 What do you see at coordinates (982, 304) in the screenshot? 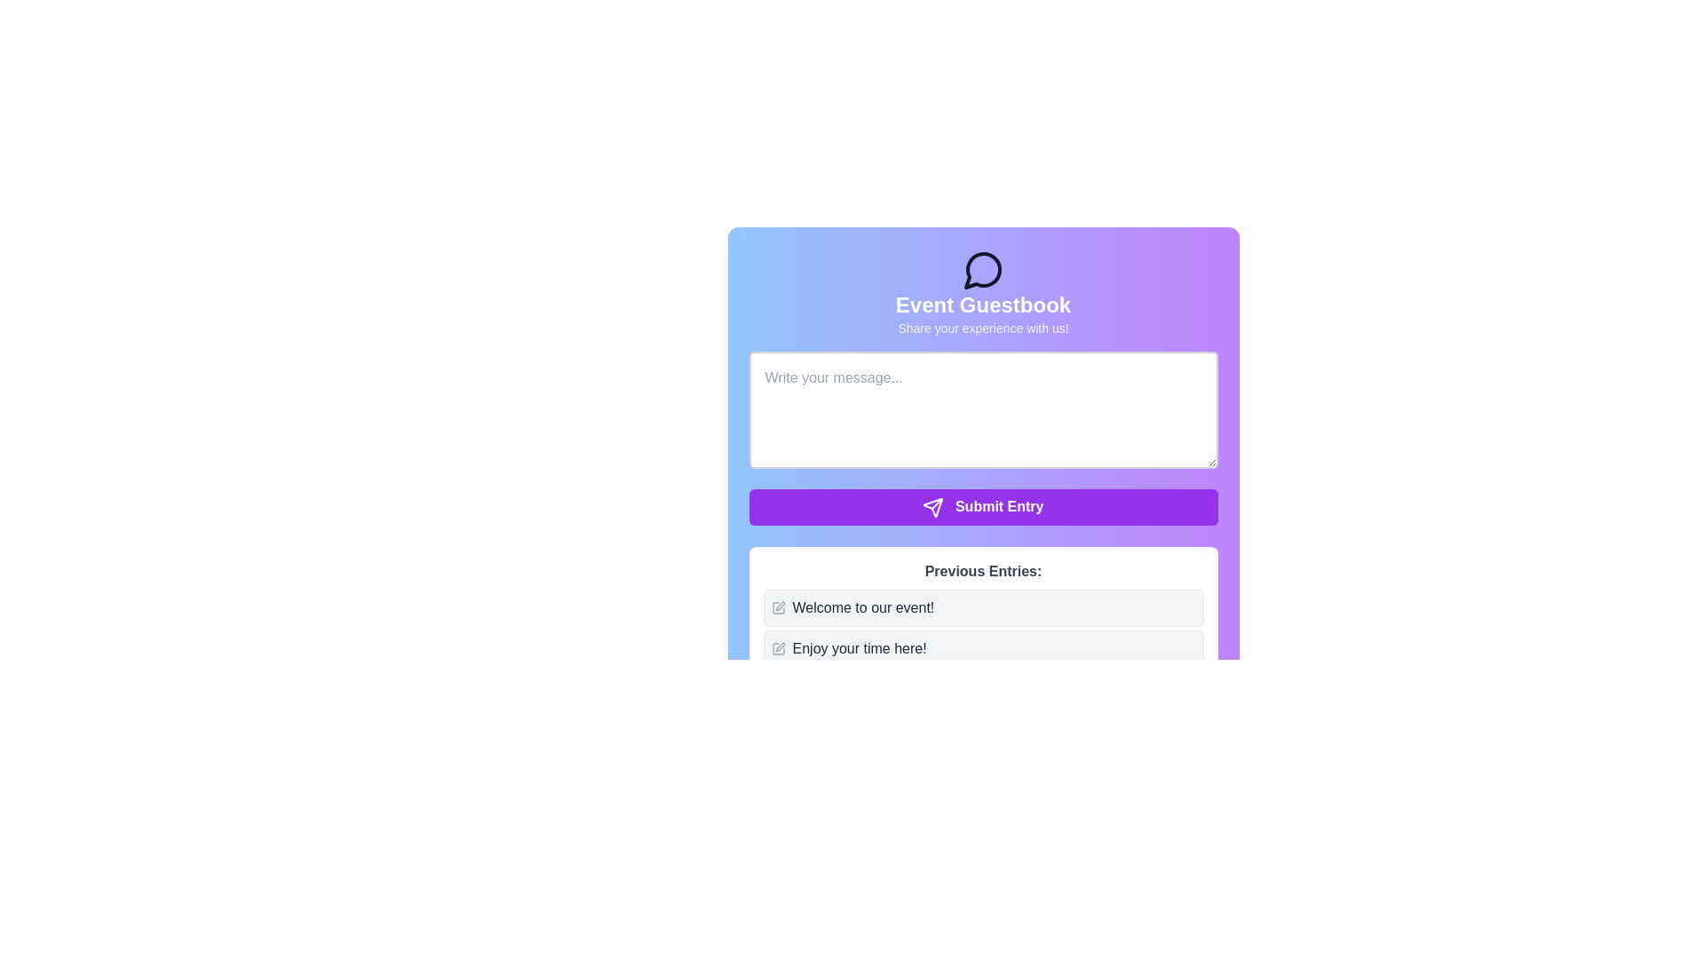
I see `the text label that reads 'Event Guestbook', which is styled with a bold, large white font and positioned at the top-center of the interface, above the smaller text 'Share your experience with us!'` at bounding box center [982, 304].